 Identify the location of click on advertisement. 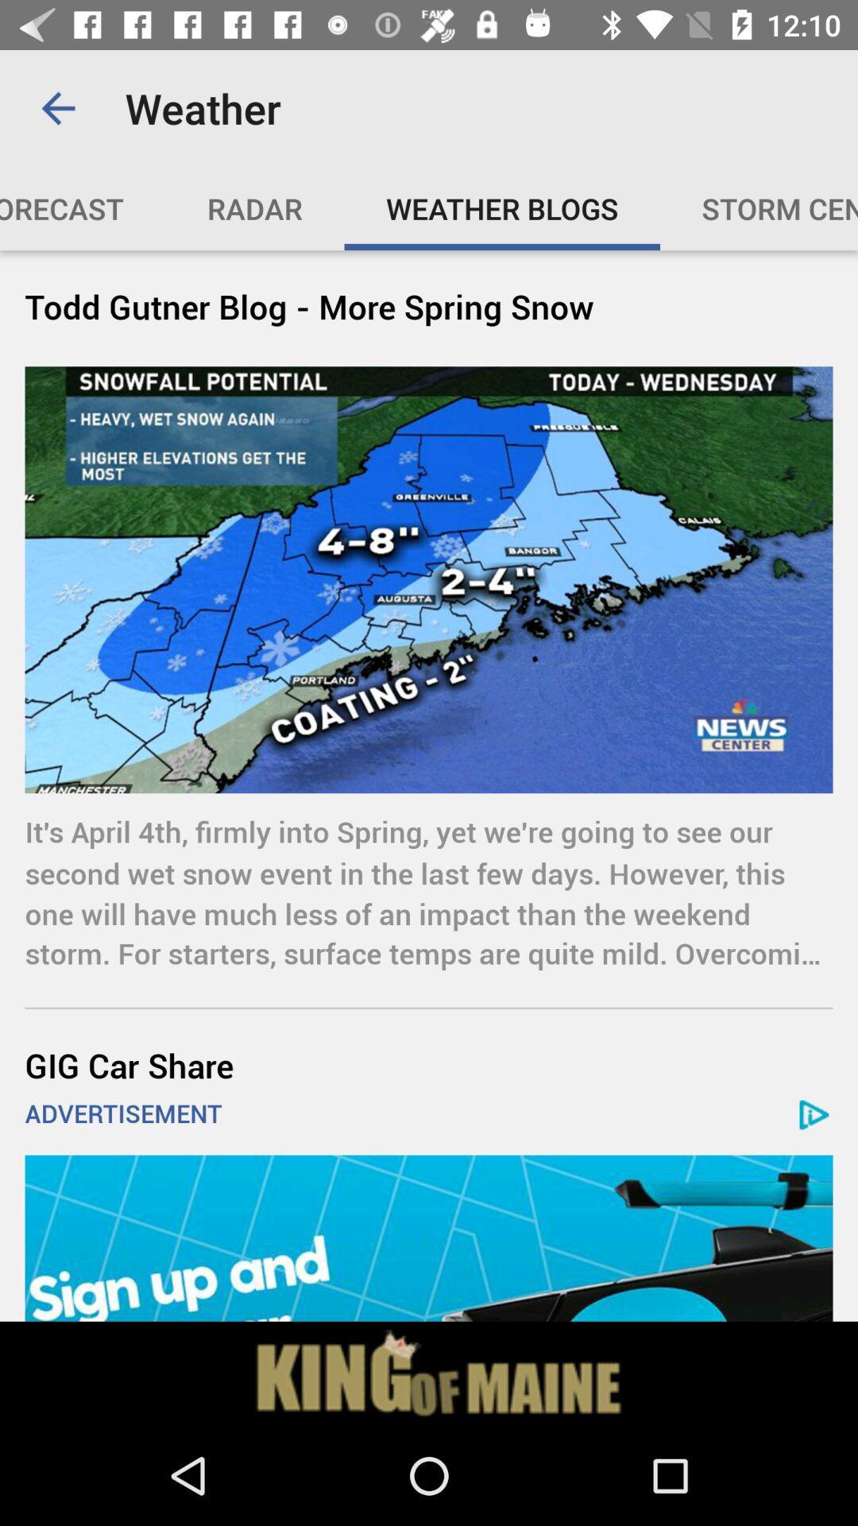
(429, 1373).